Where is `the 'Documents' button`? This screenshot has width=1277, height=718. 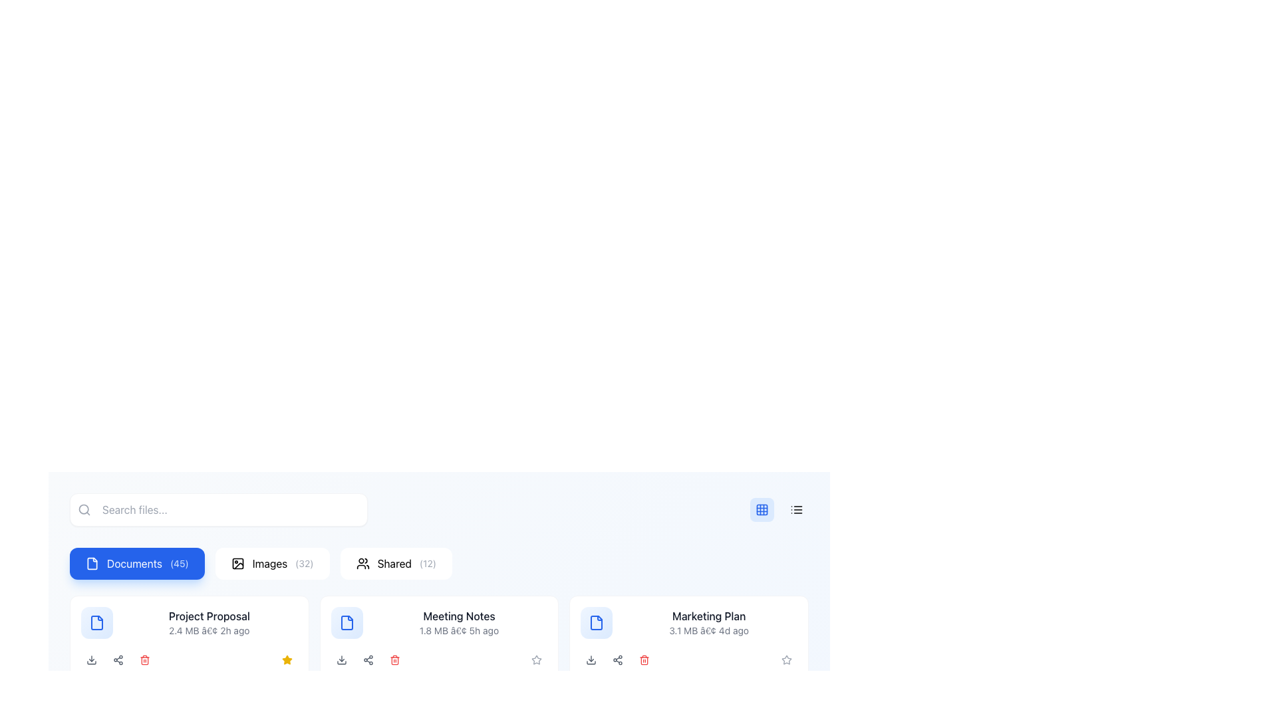 the 'Documents' button is located at coordinates (137, 564).